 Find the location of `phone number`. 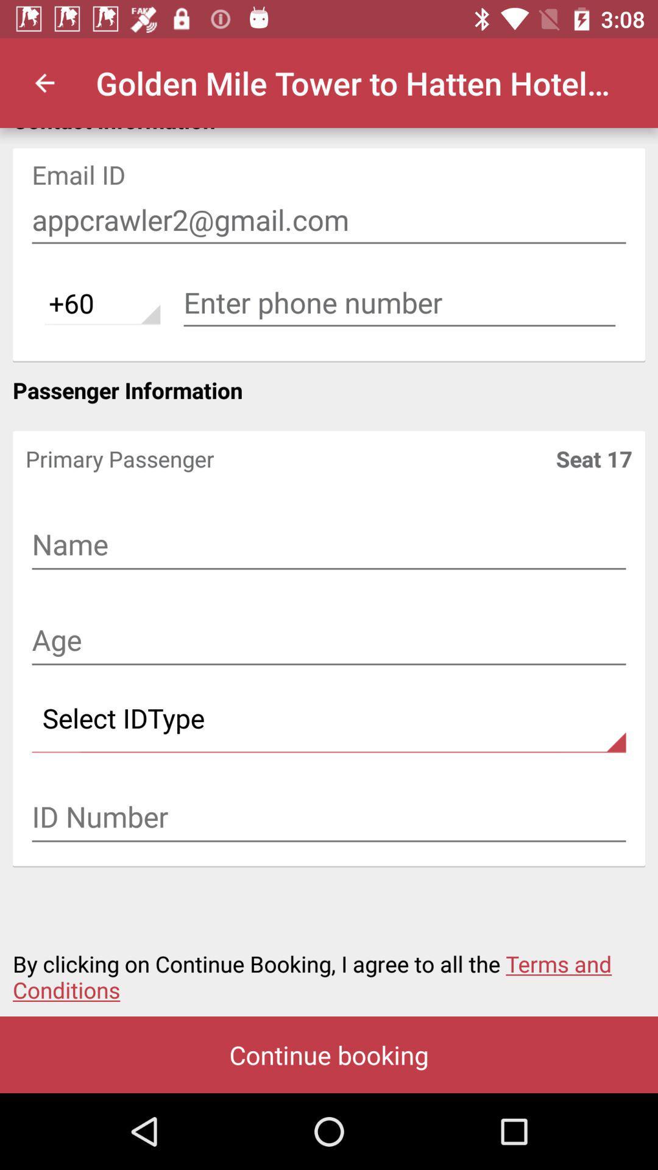

phone number is located at coordinates (399, 303).